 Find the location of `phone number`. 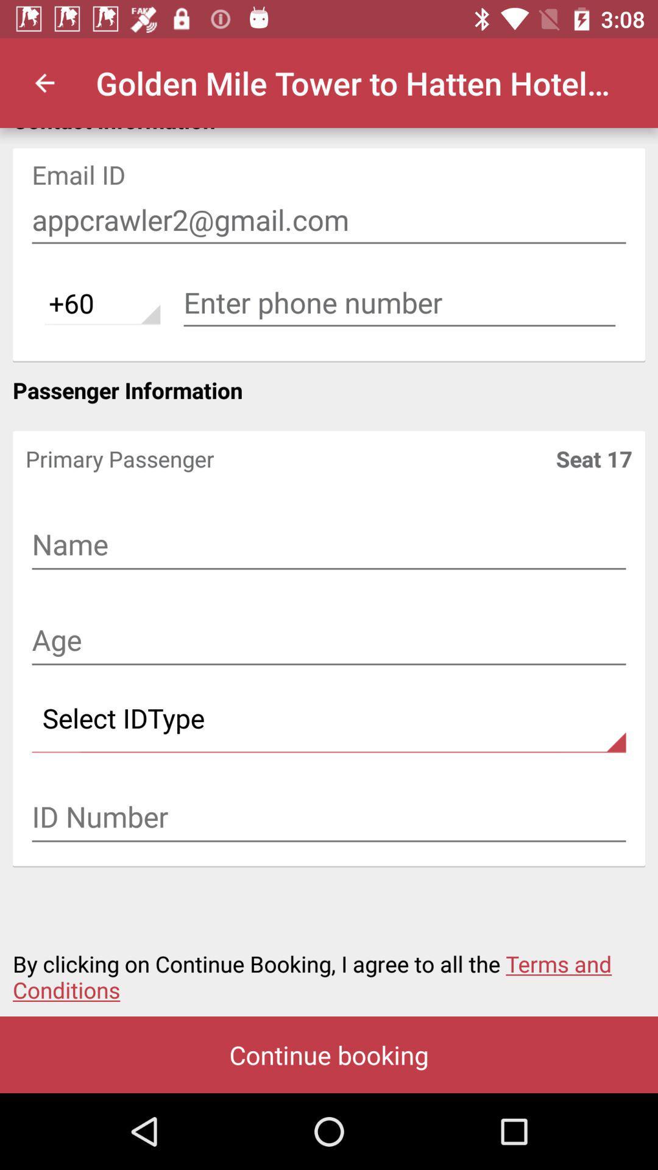

phone number is located at coordinates (399, 303).